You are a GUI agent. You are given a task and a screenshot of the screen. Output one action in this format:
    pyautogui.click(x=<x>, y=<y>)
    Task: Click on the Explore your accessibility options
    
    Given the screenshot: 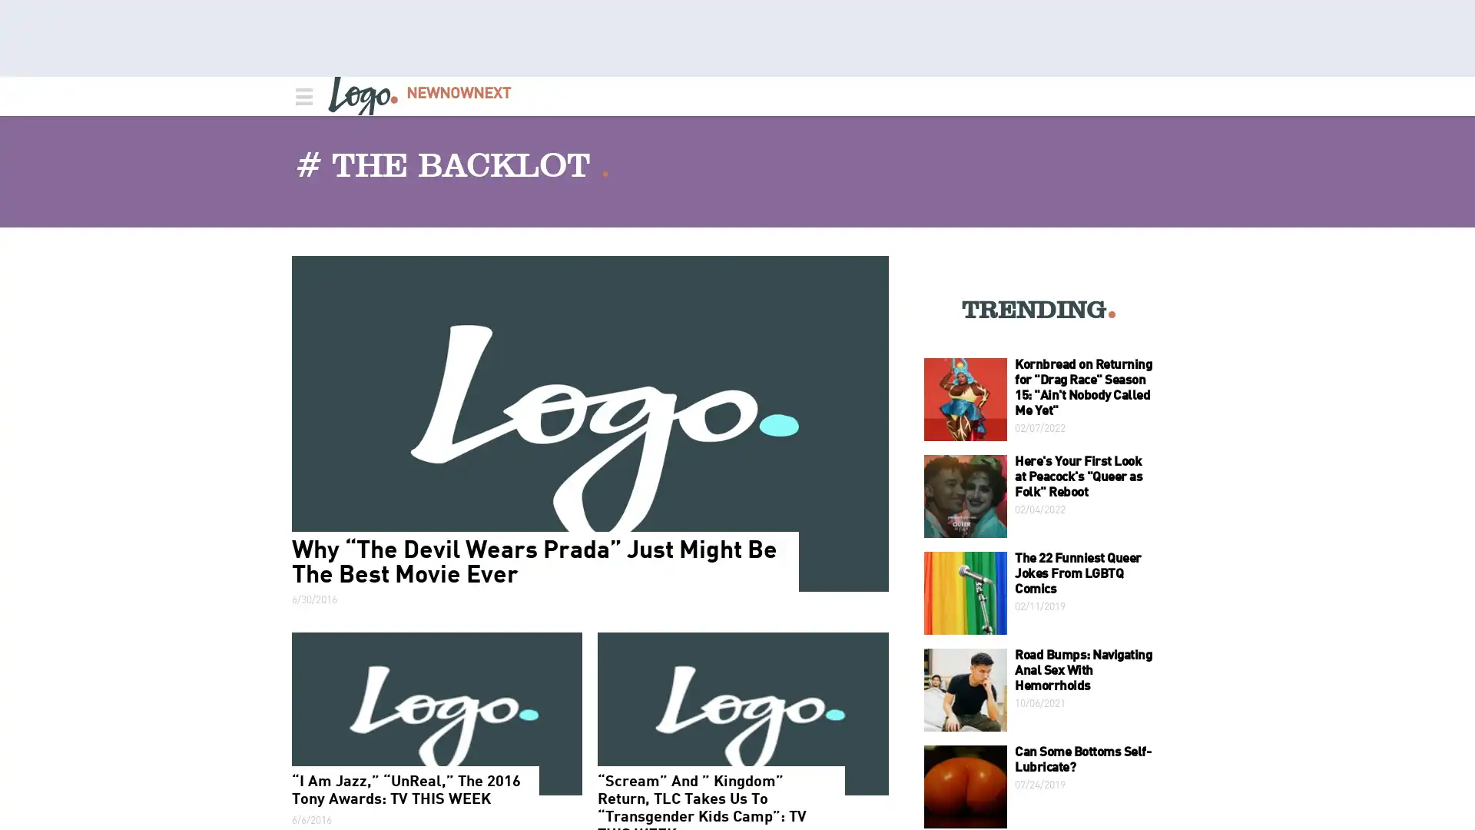 What is the action you would take?
    pyautogui.click(x=1449, y=752)
    